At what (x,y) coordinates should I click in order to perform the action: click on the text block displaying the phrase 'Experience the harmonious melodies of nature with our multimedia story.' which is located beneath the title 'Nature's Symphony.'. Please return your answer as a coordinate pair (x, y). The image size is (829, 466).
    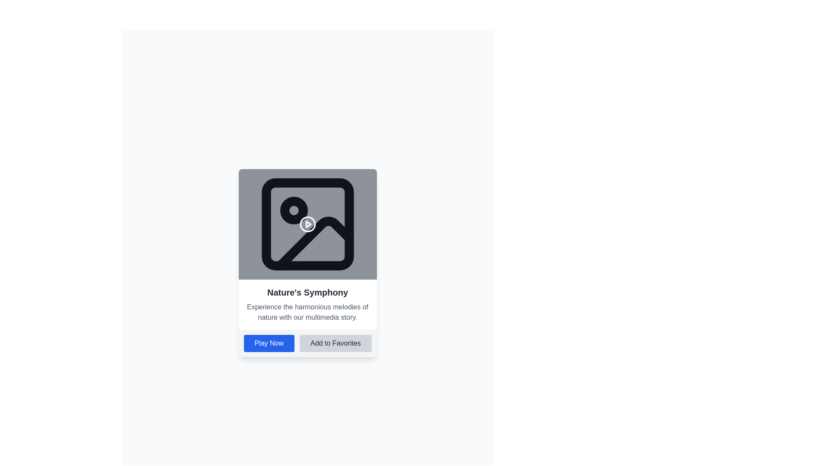
    Looking at the image, I should click on (307, 312).